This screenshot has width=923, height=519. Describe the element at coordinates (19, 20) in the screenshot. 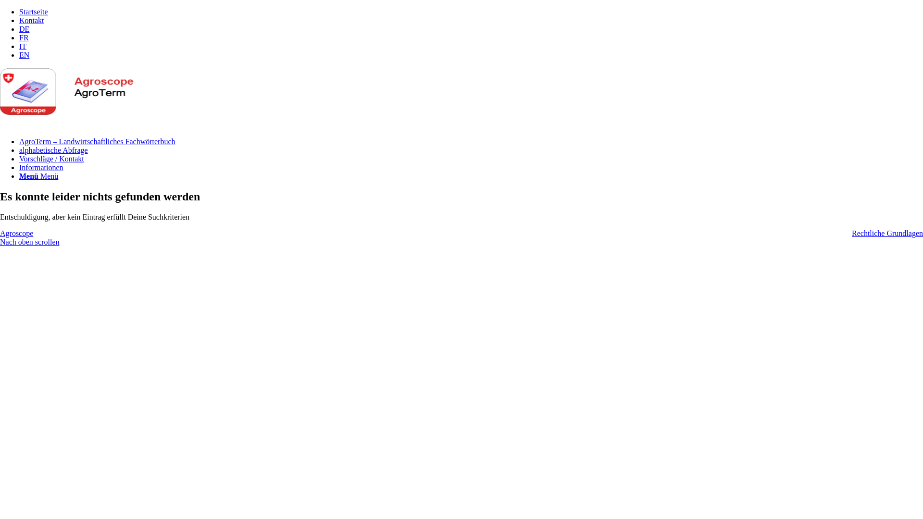

I see `'Kontakt'` at that location.